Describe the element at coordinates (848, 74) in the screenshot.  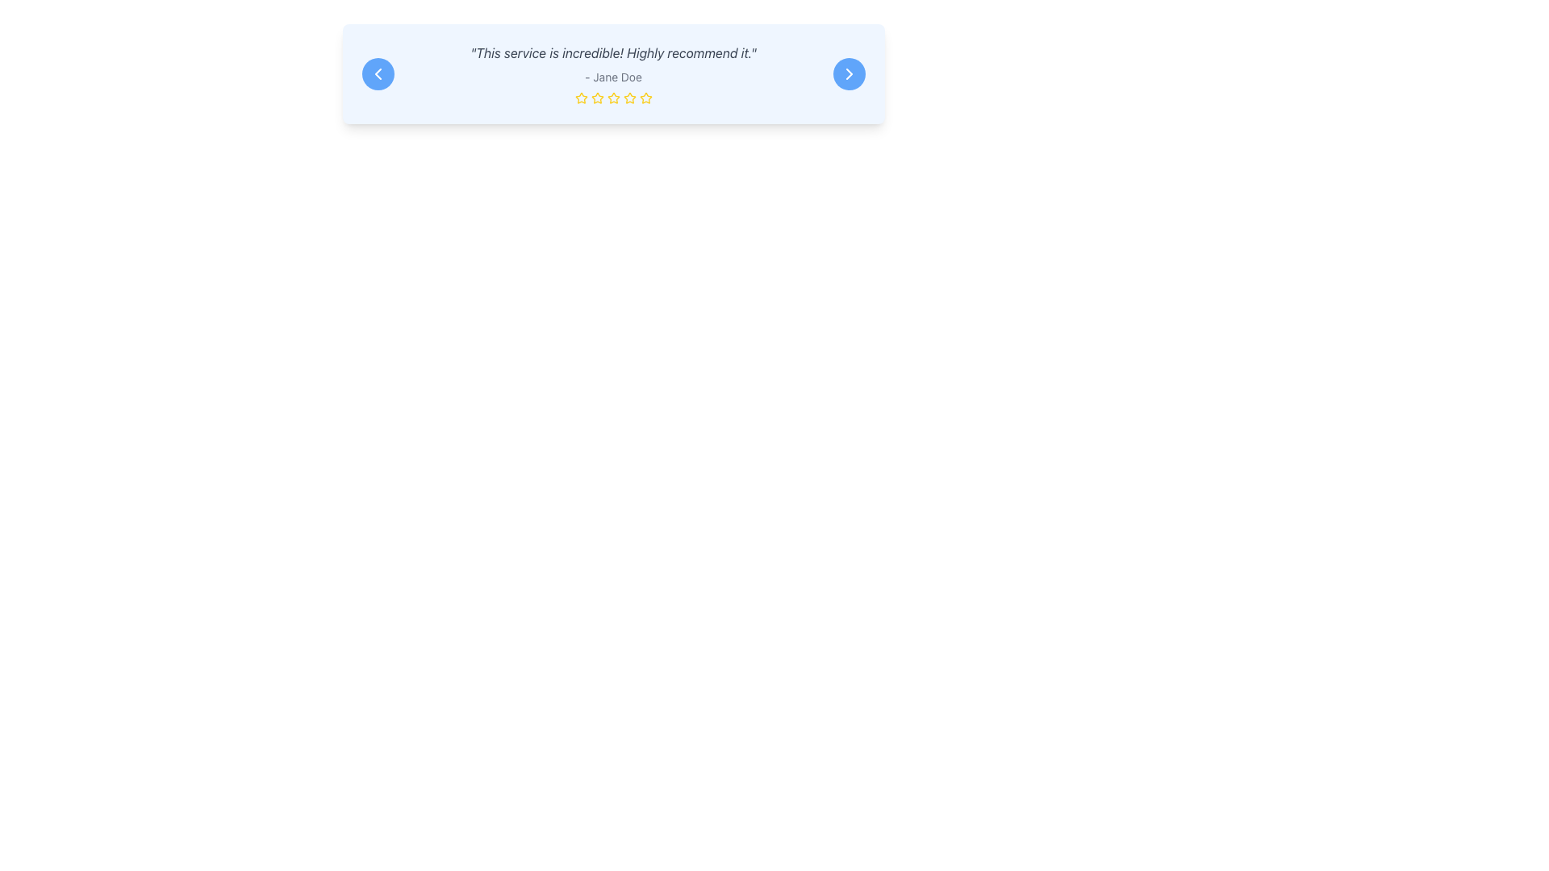
I see `the circular button with a blue background and a white arrow pointing to the right to observe its hover effect` at that location.